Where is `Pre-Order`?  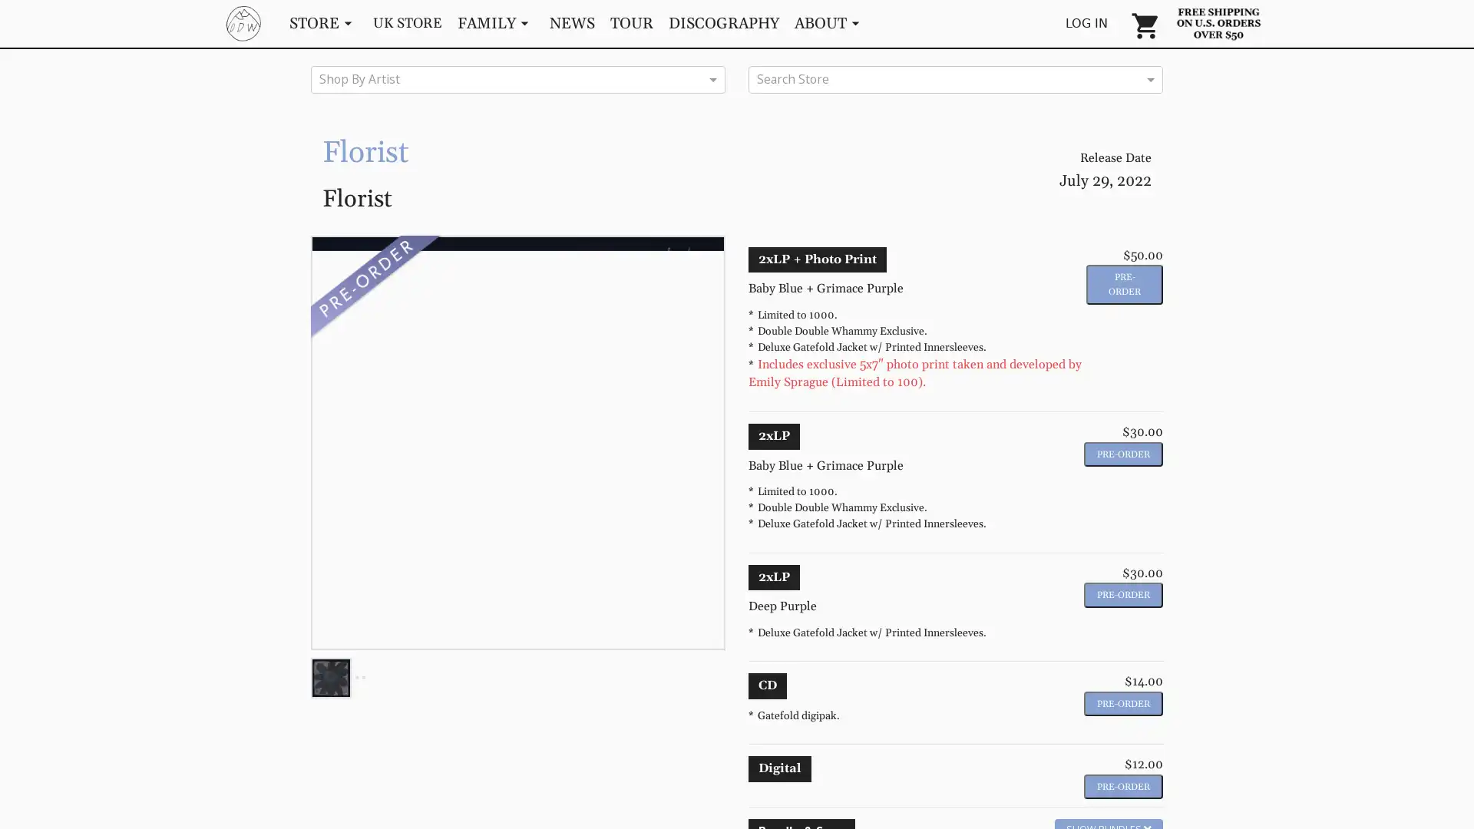 Pre-Order is located at coordinates (1123, 453).